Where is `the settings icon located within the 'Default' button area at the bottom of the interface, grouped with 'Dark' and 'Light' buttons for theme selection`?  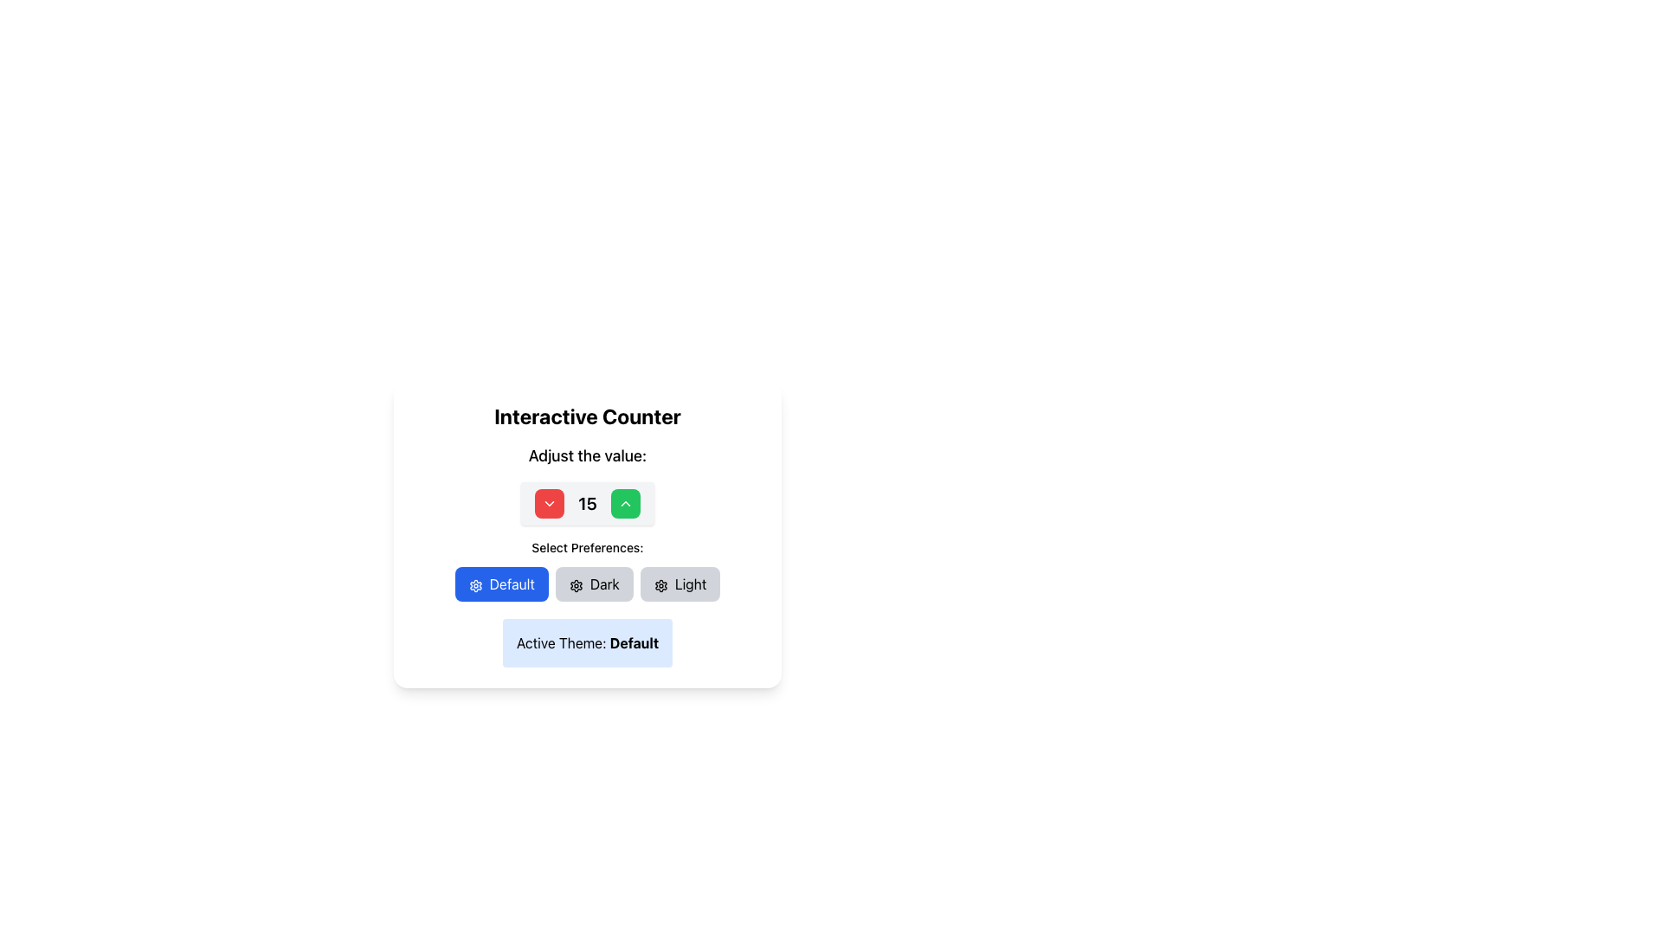
the settings icon located within the 'Default' button area at the bottom of the interface, grouped with 'Dark' and 'Light' buttons for theme selection is located at coordinates (660, 584).